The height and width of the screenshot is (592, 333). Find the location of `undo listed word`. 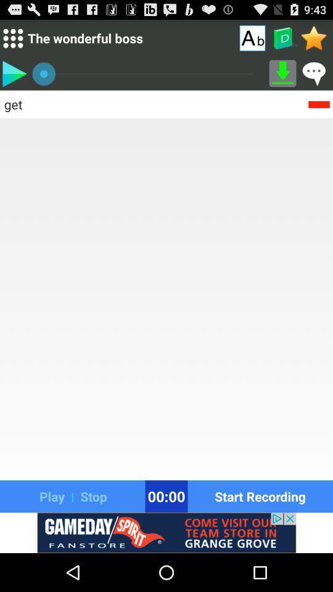

undo listed word is located at coordinates (319, 103).